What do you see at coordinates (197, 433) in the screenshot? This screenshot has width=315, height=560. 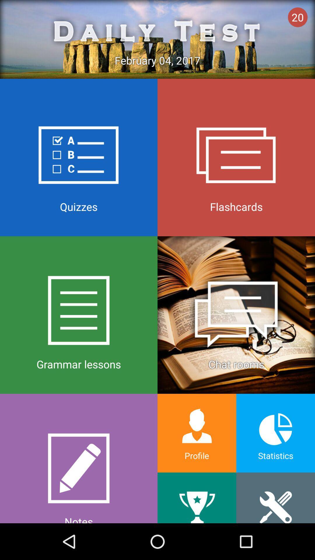 I see `profile on the left side of statistics` at bounding box center [197, 433].